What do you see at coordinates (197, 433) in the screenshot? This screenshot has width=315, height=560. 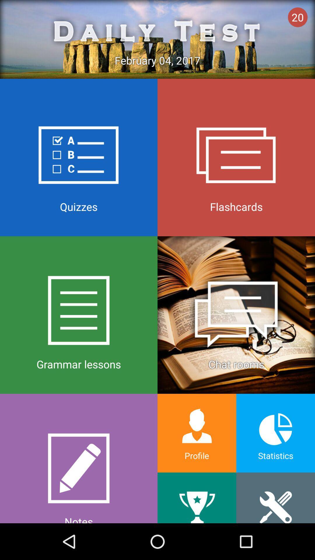 I see `profile on the left side of statistics` at bounding box center [197, 433].